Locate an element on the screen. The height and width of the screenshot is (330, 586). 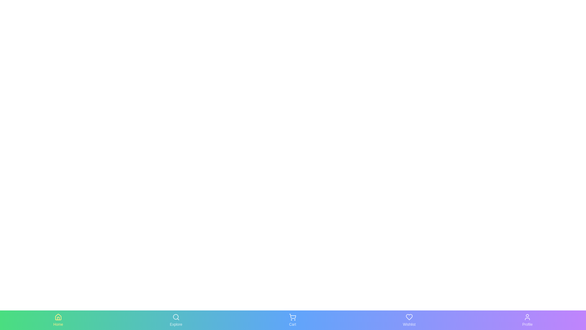
the Cart navigation icon to trigger navigation is located at coordinates (292, 320).